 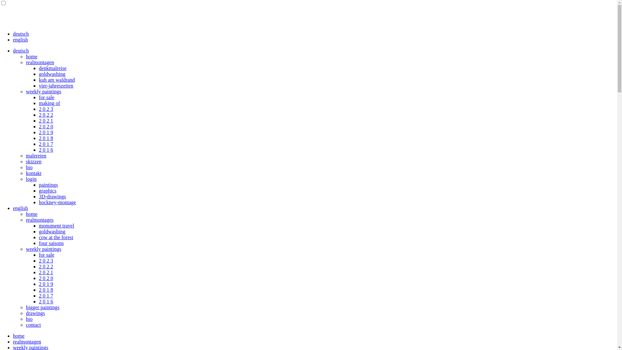 I want to click on 'hockney-montage', so click(x=57, y=202).